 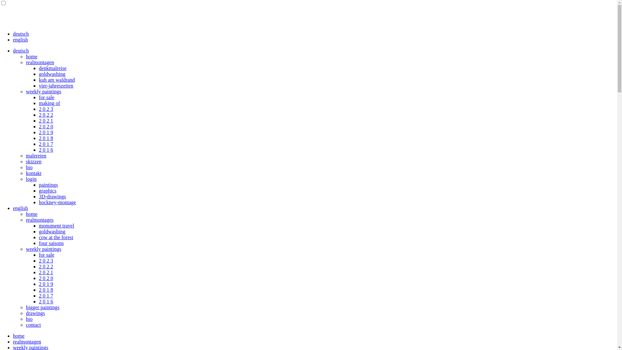 I want to click on 'hockney-montage', so click(x=57, y=202).